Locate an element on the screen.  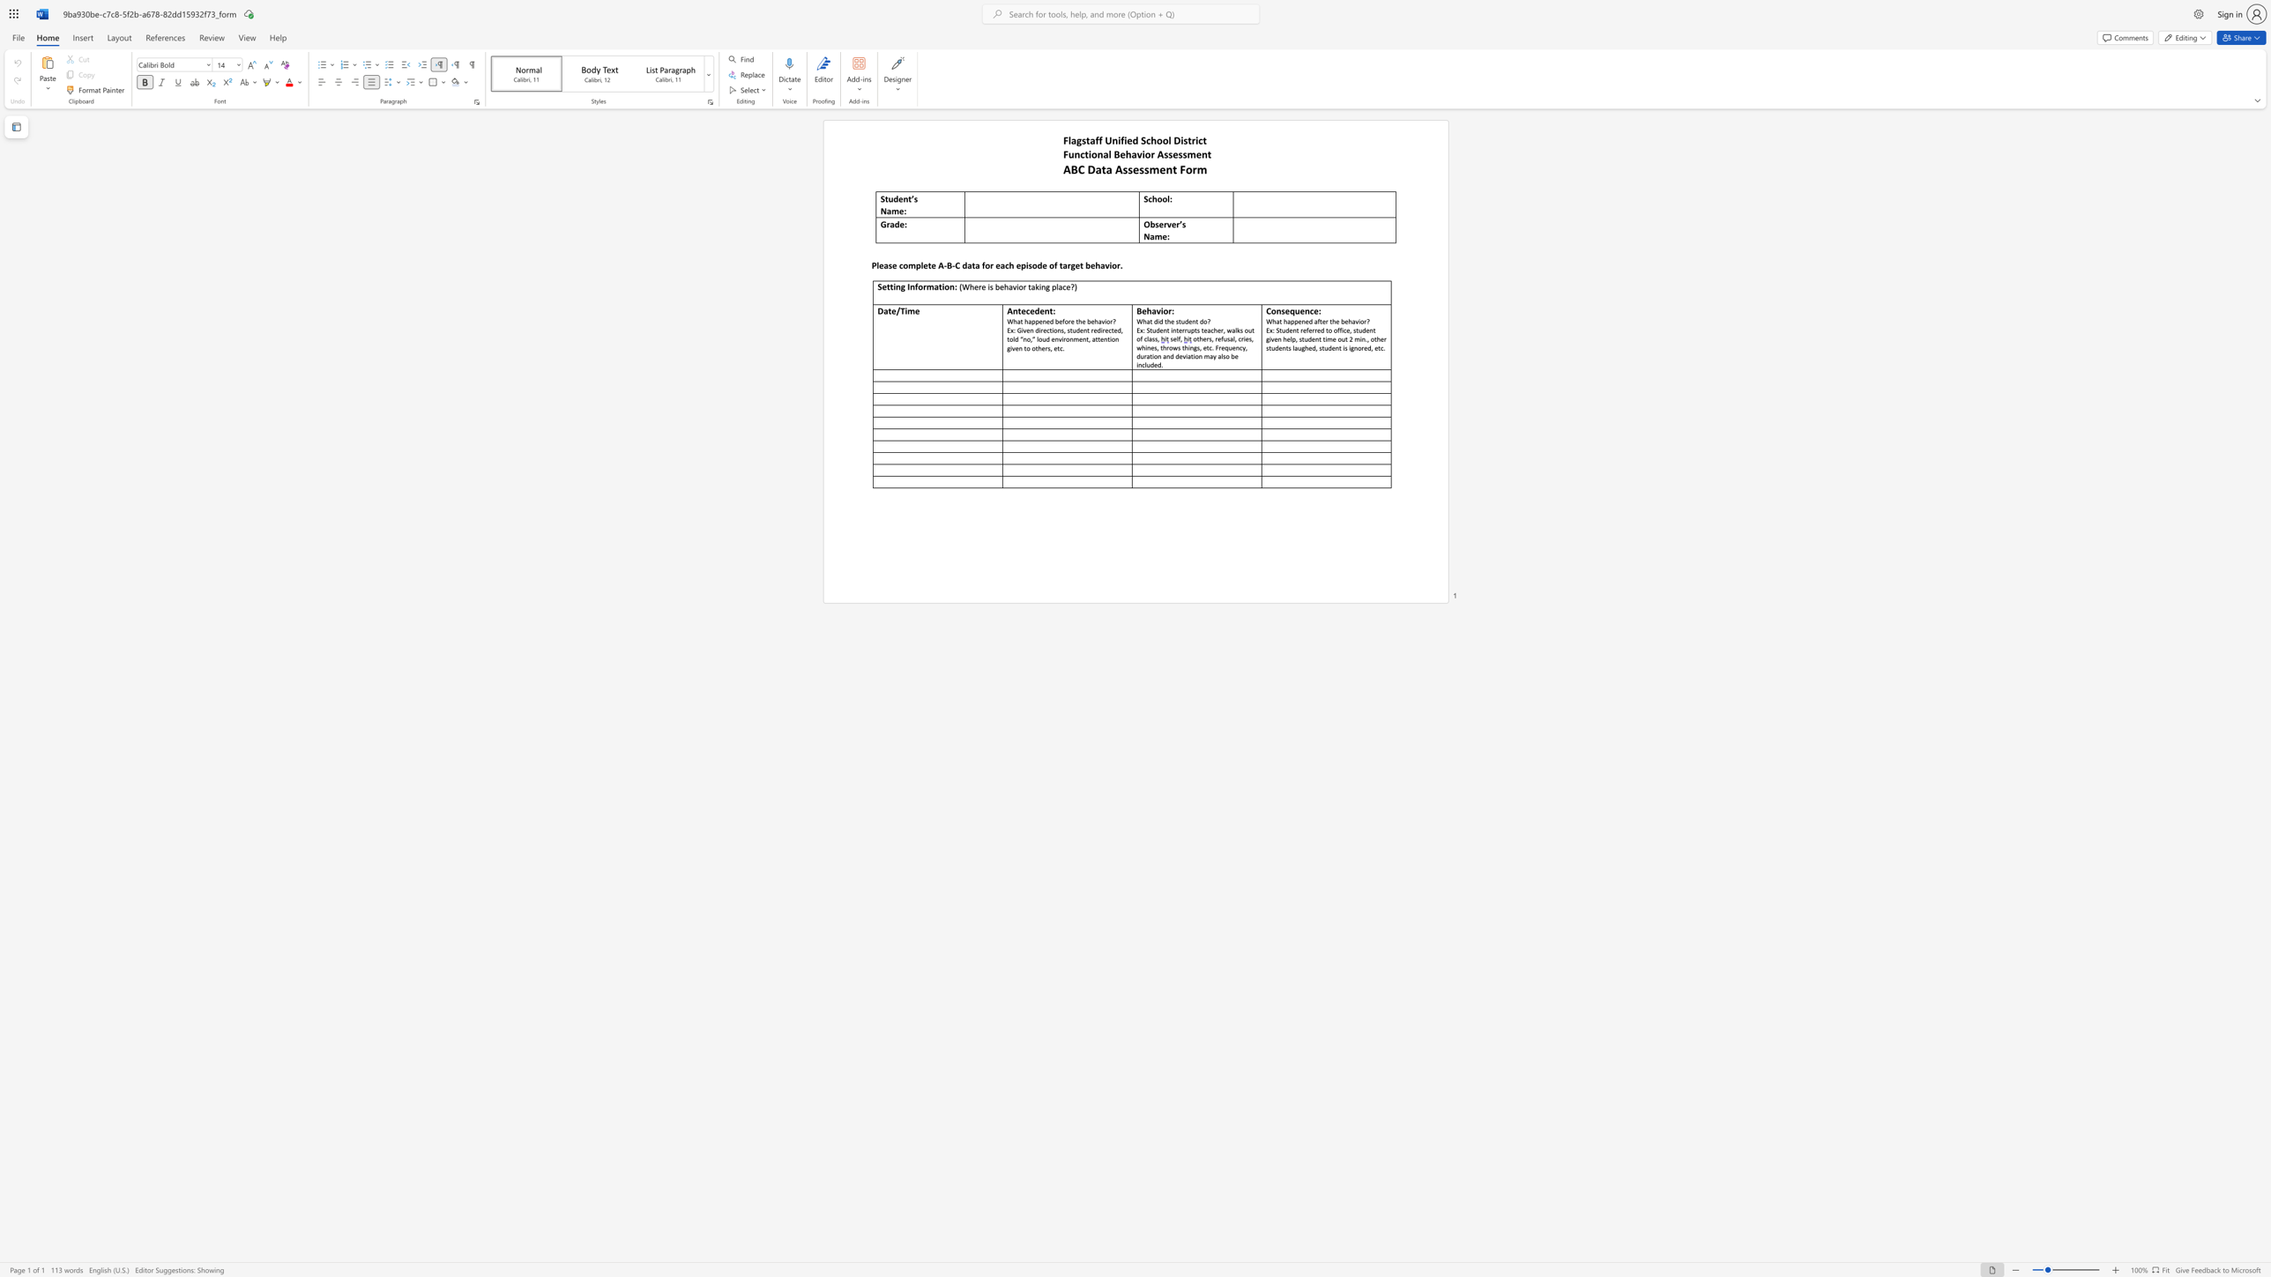
the 1th character ":" in the text is located at coordinates (1167, 236).